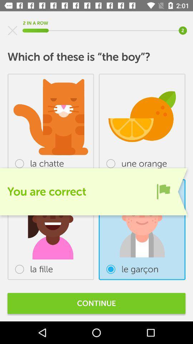  Describe the element at coordinates (163, 191) in the screenshot. I see `the item below the une orange item` at that location.